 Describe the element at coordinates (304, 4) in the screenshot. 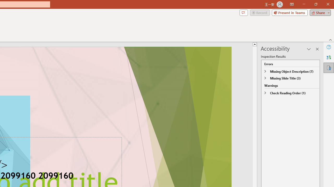

I see `'Minimize'` at that location.